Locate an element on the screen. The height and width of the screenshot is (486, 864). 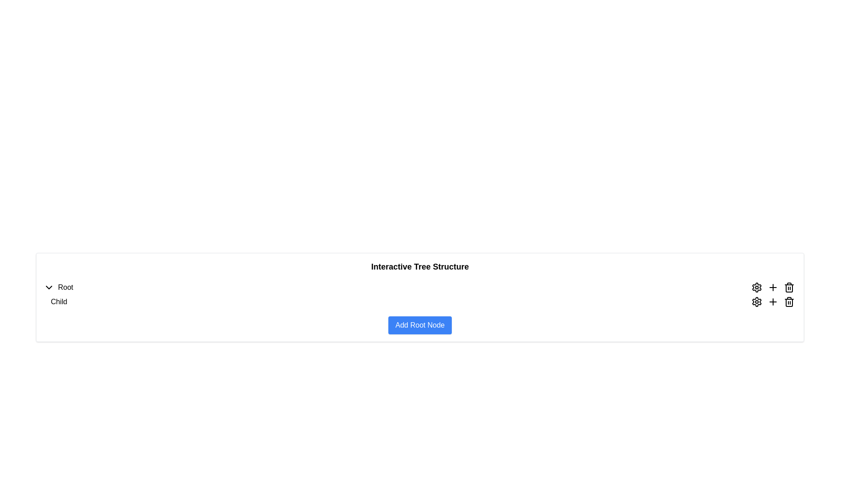
the cogwheel icon in the lower-right corner of the interface is located at coordinates (756, 288).